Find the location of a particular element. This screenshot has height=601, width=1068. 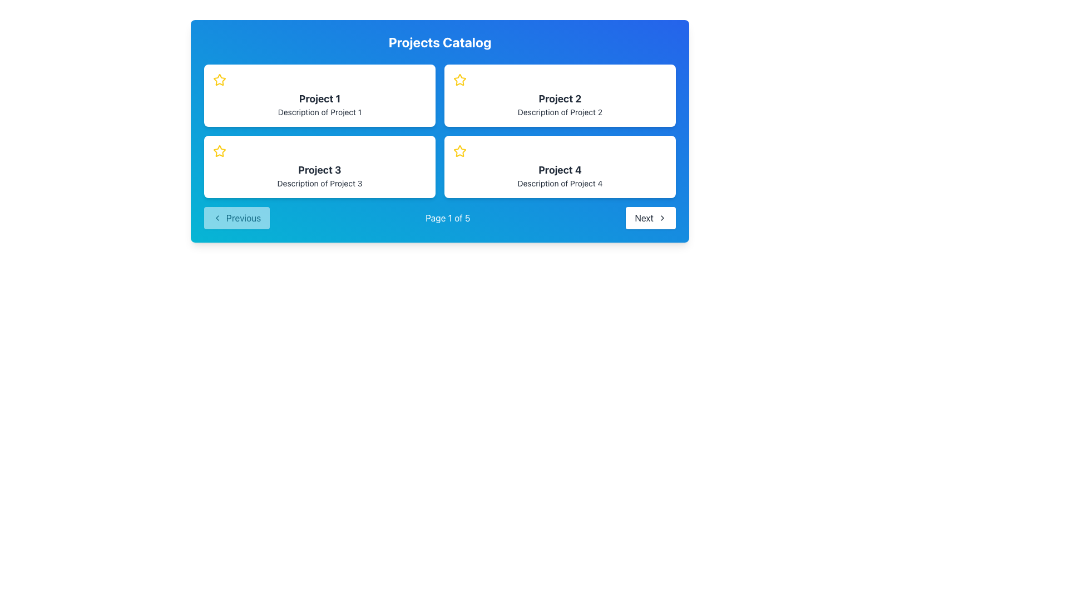

the star icon located in the top-left section of the fourth card in the project grid layout is located at coordinates (459, 151).